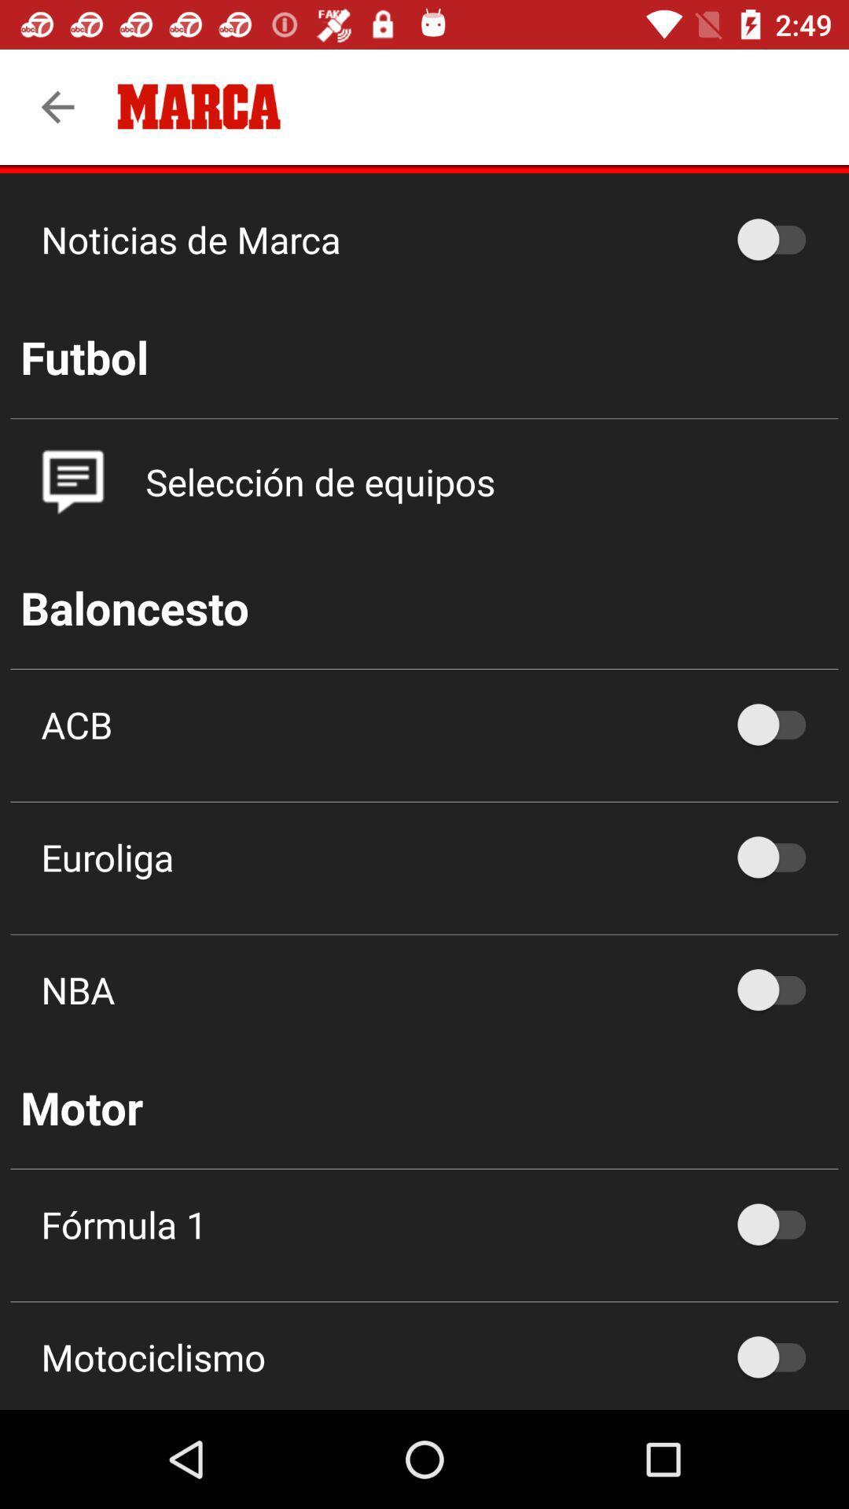  I want to click on off option, so click(779, 989).